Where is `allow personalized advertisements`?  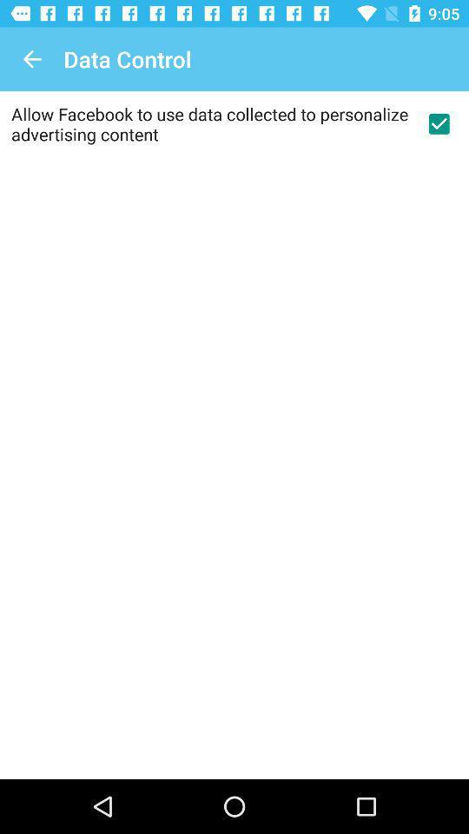 allow personalized advertisements is located at coordinates (438, 122).